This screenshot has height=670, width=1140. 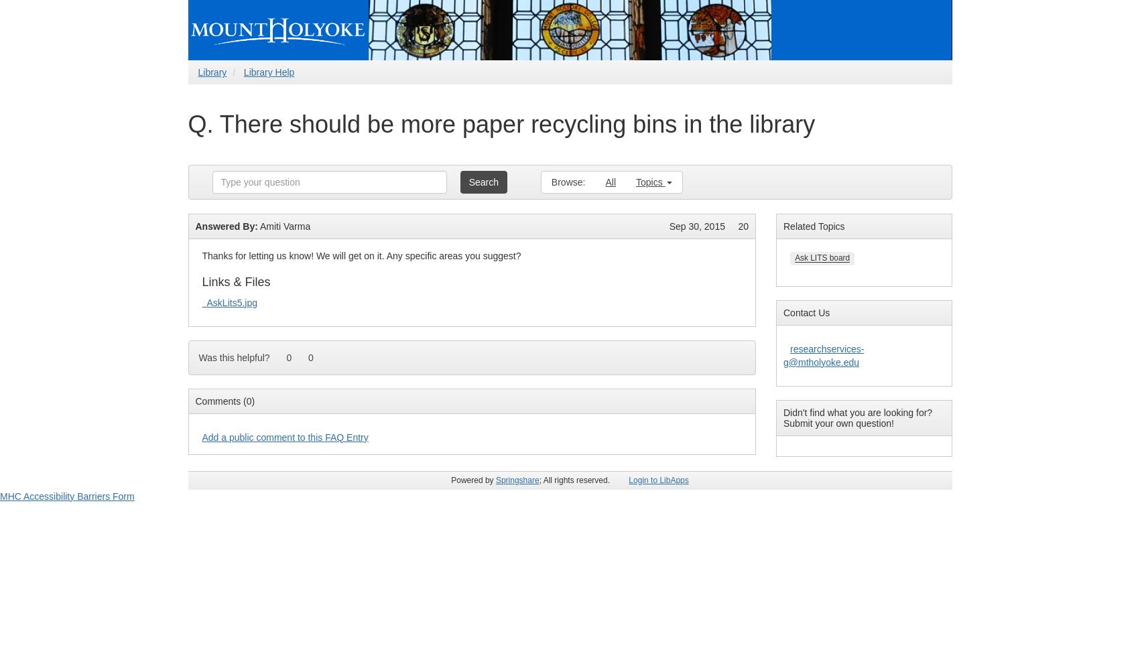 What do you see at coordinates (568, 182) in the screenshot?
I see `'Browse:'` at bounding box center [568, 182].